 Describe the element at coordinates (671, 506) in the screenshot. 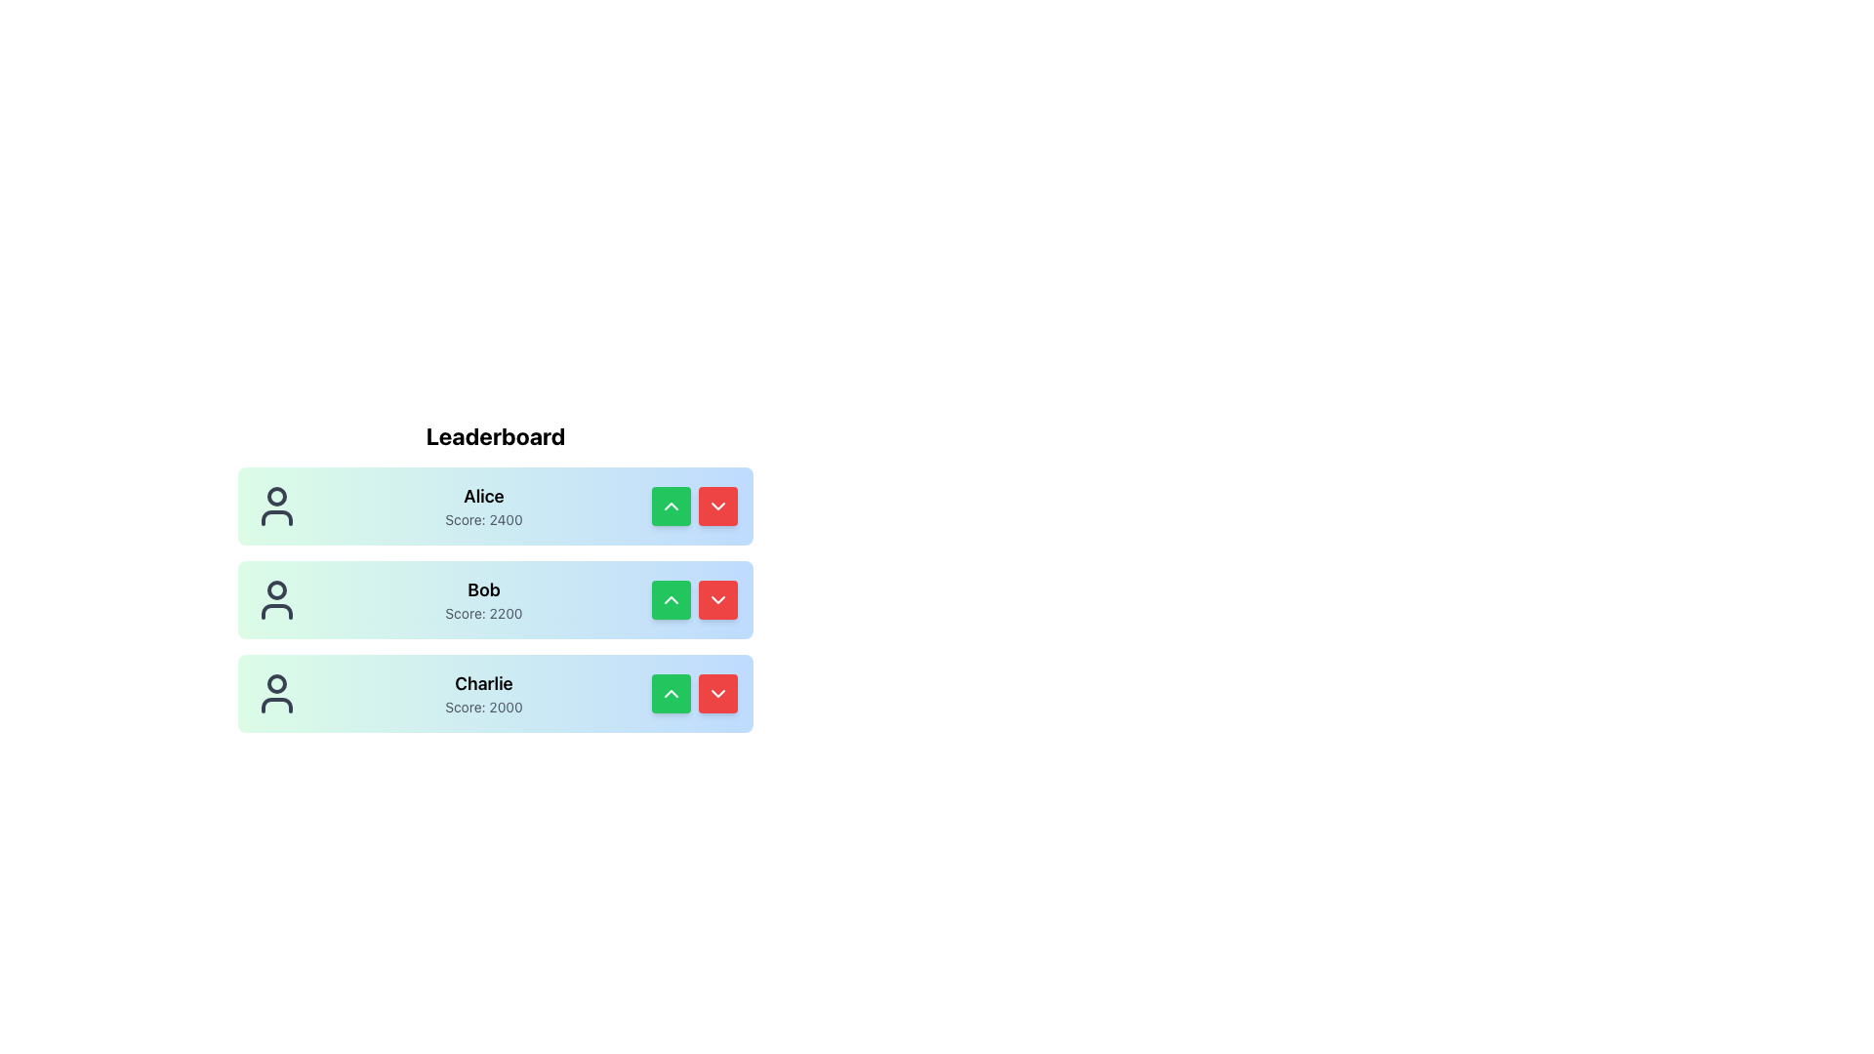

I see `the small rectangular green button with a white chevron-up icon located to the right of 'Alice Score: 2400'` at that location.